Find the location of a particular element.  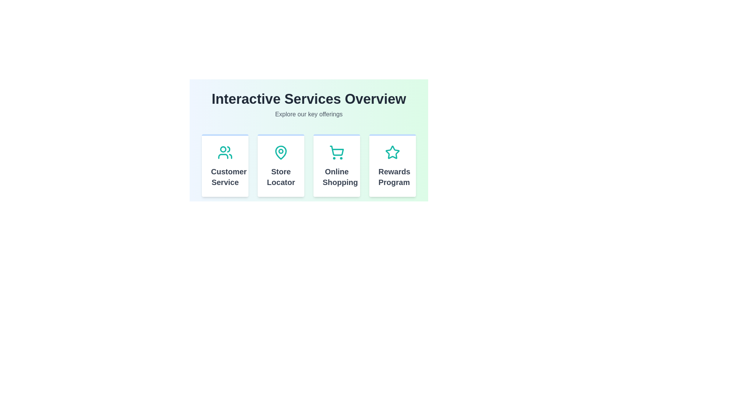

the 'Store Locator' card, the second card in the horizontal grid is located at coordinates (280, 165).